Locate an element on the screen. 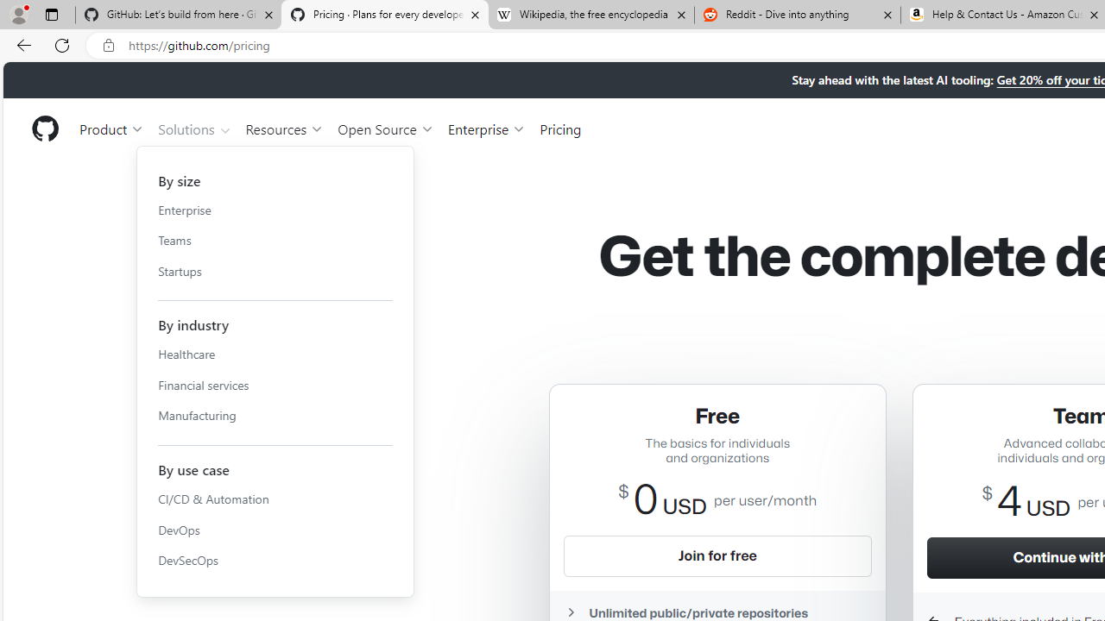  'Wikipedia, the free encyclopedia' is located at coordinates (590, 15).